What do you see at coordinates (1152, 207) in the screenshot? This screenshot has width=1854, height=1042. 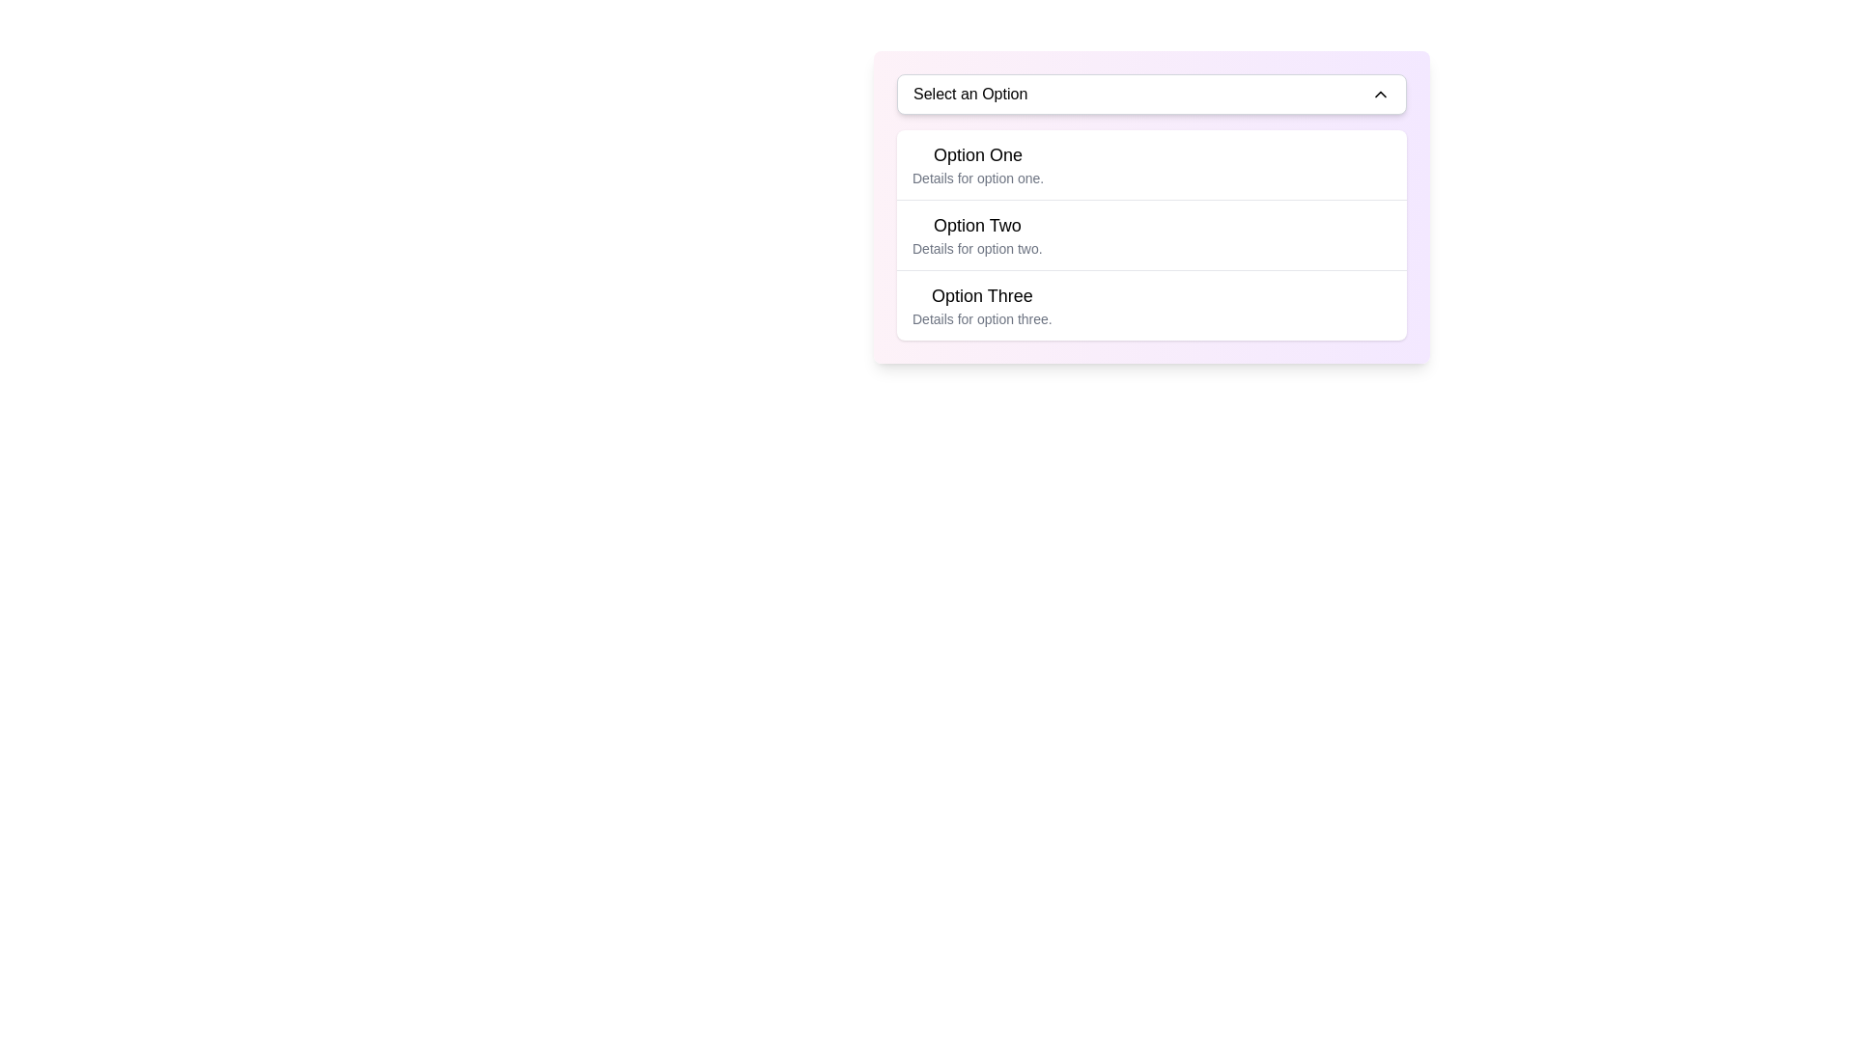 I see `the second option item in the dropdown menu` at bounding box center [1152, 207].